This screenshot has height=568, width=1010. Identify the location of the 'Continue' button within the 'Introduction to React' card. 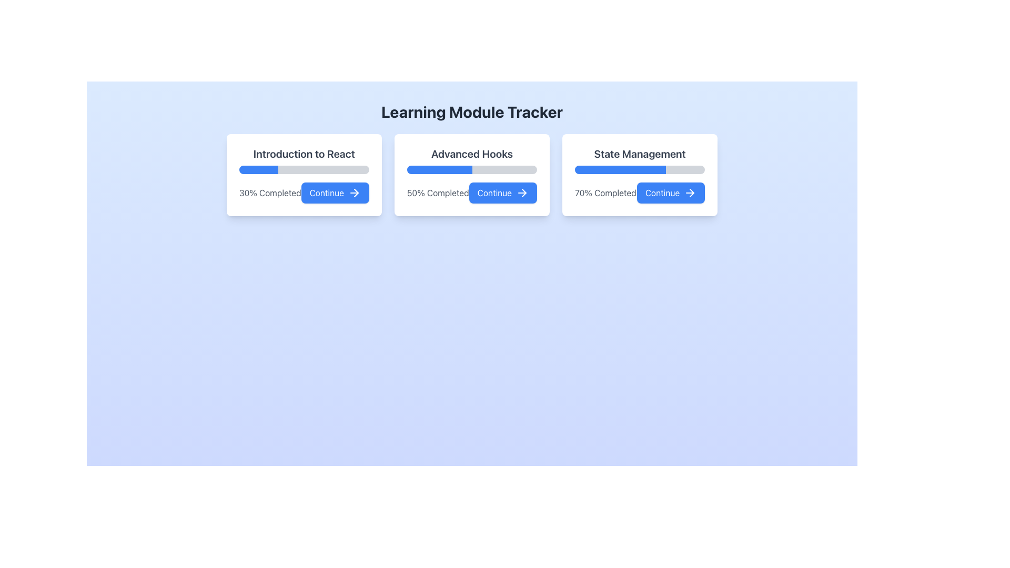
(304, 192).